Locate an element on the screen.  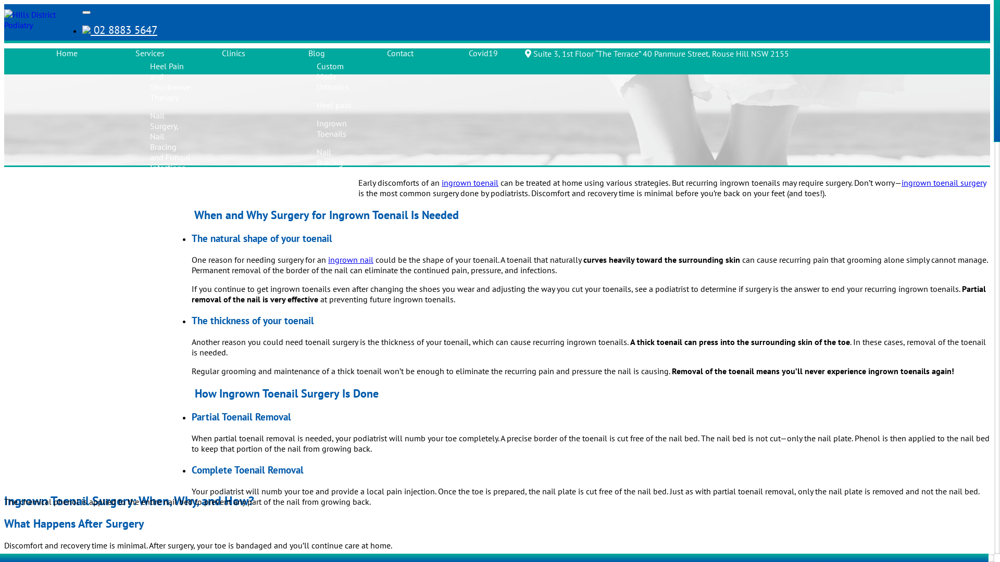
'Custom Made Orthotics' is located at coordinates (165, 295).